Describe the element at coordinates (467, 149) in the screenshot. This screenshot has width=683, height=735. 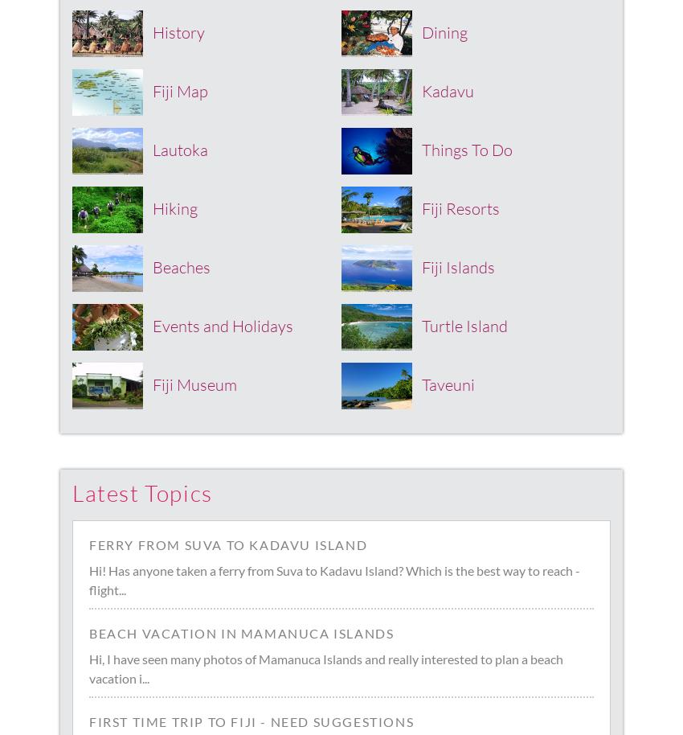
I see `'Things To Do'` at that location.